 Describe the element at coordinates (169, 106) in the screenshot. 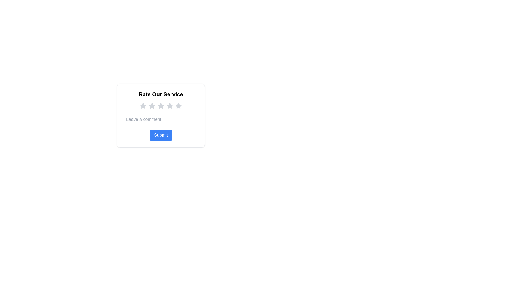

I see `the third star icon used for rating, which represents a score of 3 out of 5, located below the 'Rate Our Service' title and above the 'Submit' button` at that location.